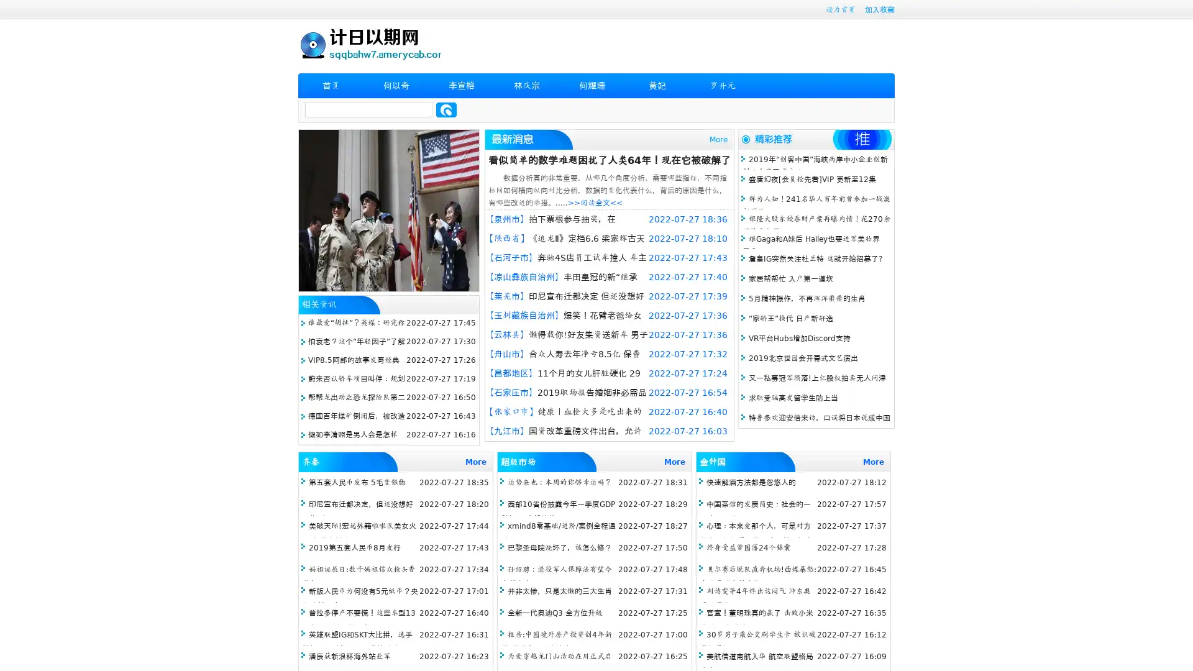 The image size is (1193, 671). What do you see at coordinates (446, 109) in the screenshot?
I see `Search` at bounding box center [446, 109].